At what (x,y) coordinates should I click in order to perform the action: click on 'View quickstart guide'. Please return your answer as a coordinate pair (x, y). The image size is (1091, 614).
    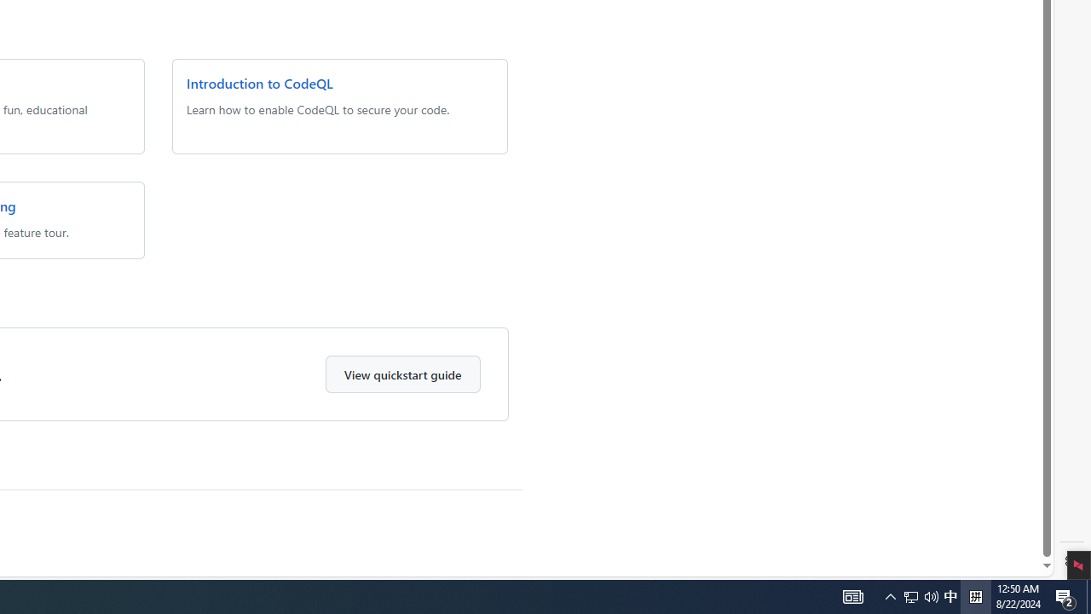
    Looking at the image, I should click on (401, 373).